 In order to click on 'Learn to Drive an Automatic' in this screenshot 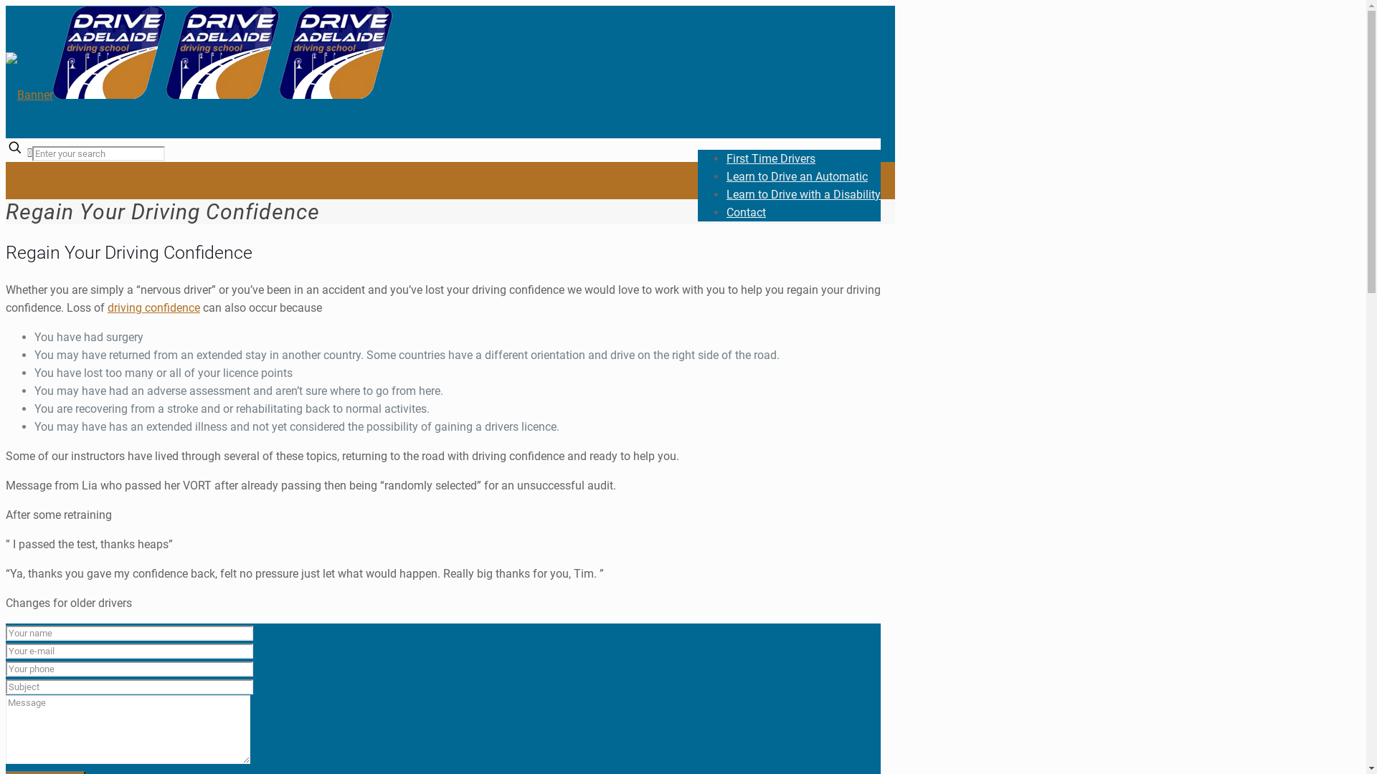, I will do `click(796, 176)`.